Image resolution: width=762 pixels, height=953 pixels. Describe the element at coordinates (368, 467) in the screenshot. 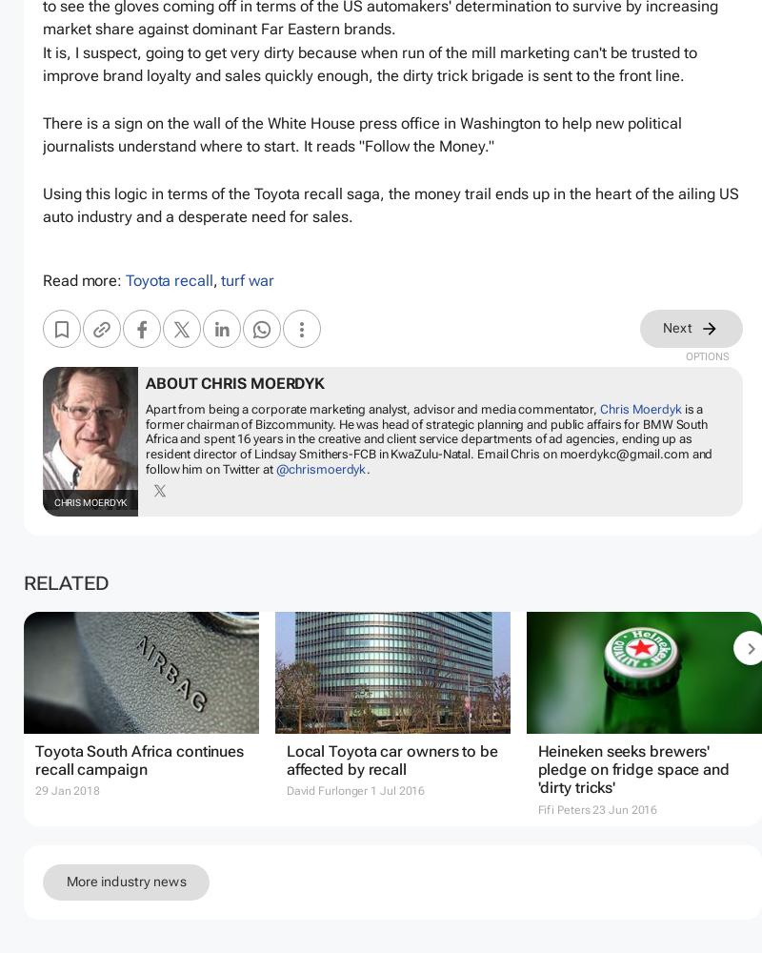

I see `'.'` at that location.